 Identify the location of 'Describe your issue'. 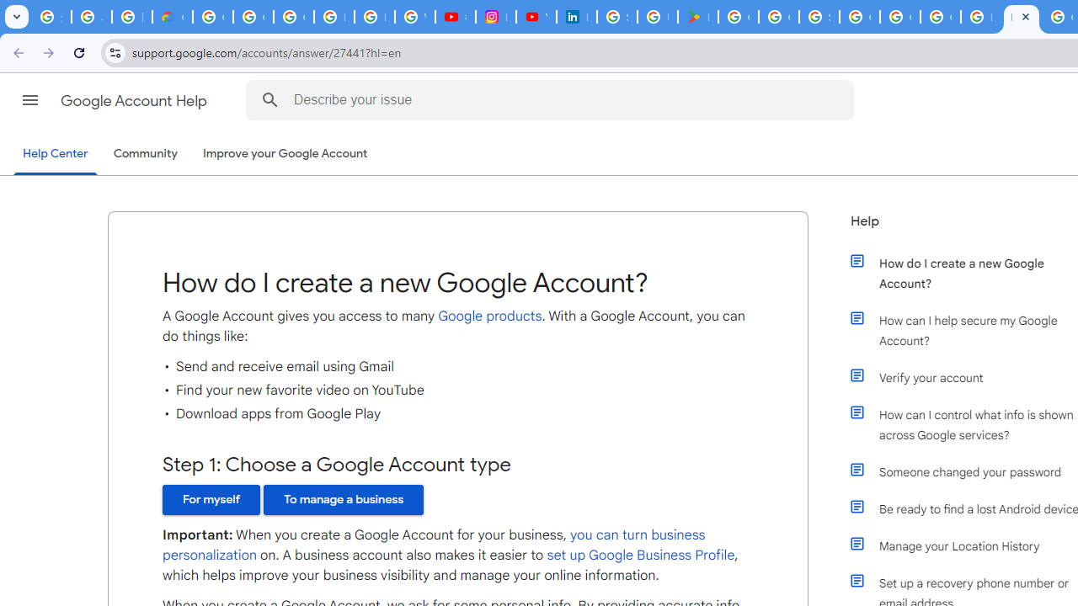
(552, 99).